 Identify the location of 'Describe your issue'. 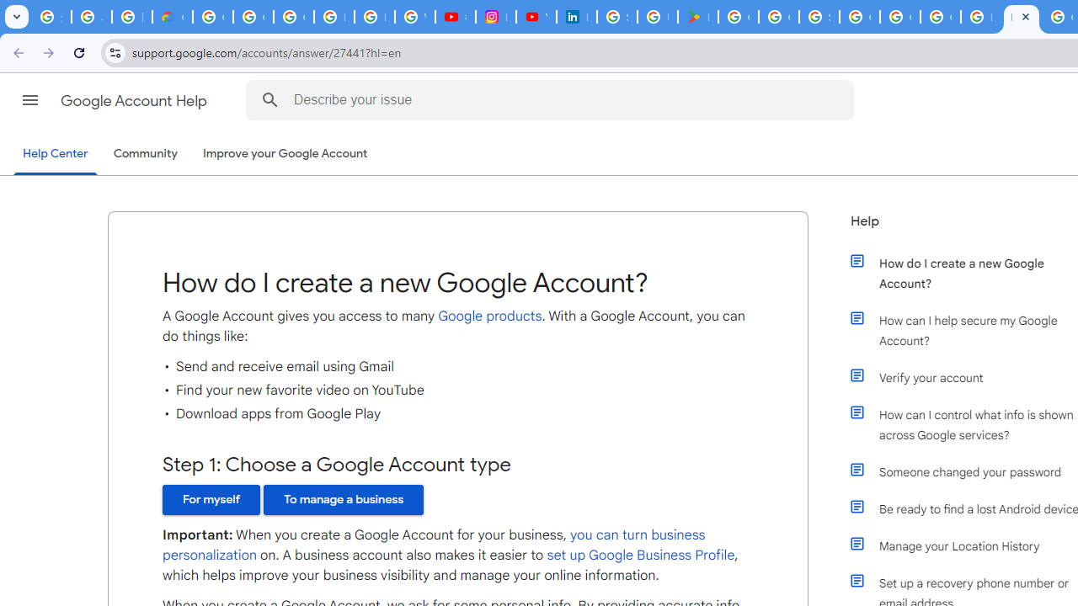
(552, 99).